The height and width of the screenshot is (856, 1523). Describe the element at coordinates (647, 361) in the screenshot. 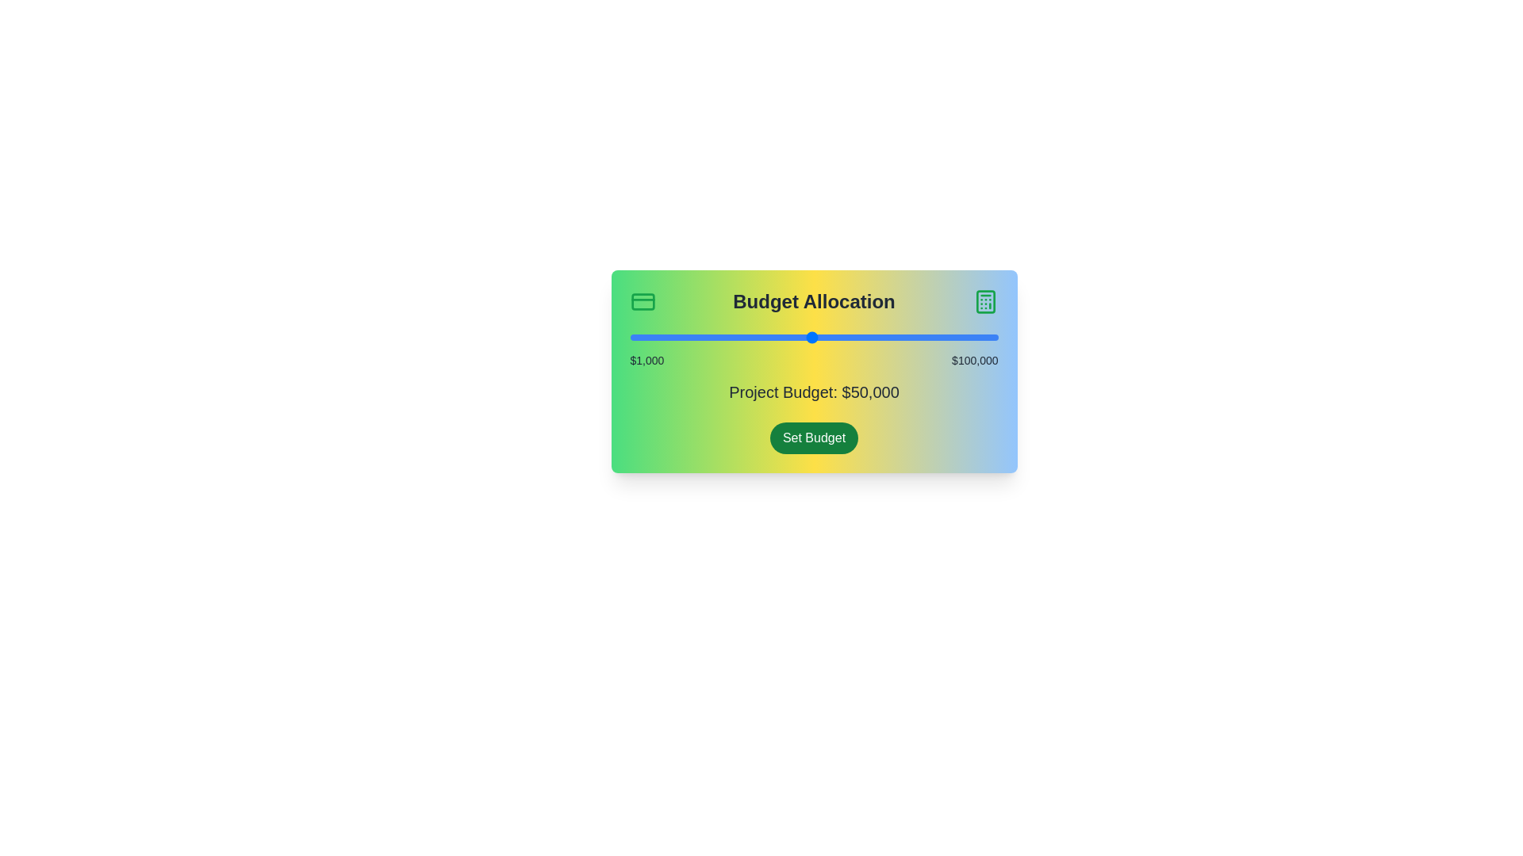

I see `the minimum label of the BudgetSlider component` at that location.